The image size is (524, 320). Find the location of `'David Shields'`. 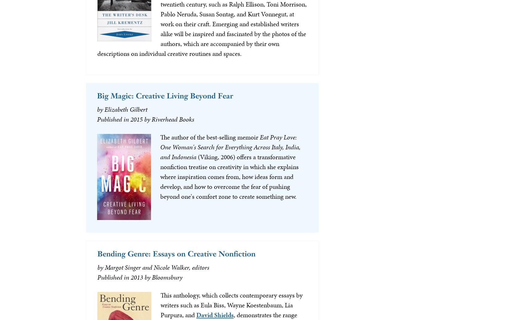

'David Shields' is located at coordinates (215, 314).